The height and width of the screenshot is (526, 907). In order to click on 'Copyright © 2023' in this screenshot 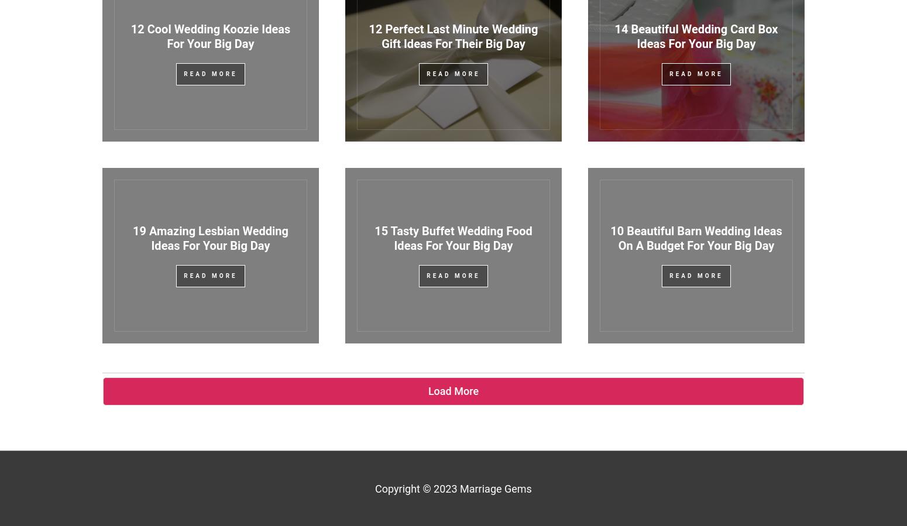, I will do `click(417, 488)`.